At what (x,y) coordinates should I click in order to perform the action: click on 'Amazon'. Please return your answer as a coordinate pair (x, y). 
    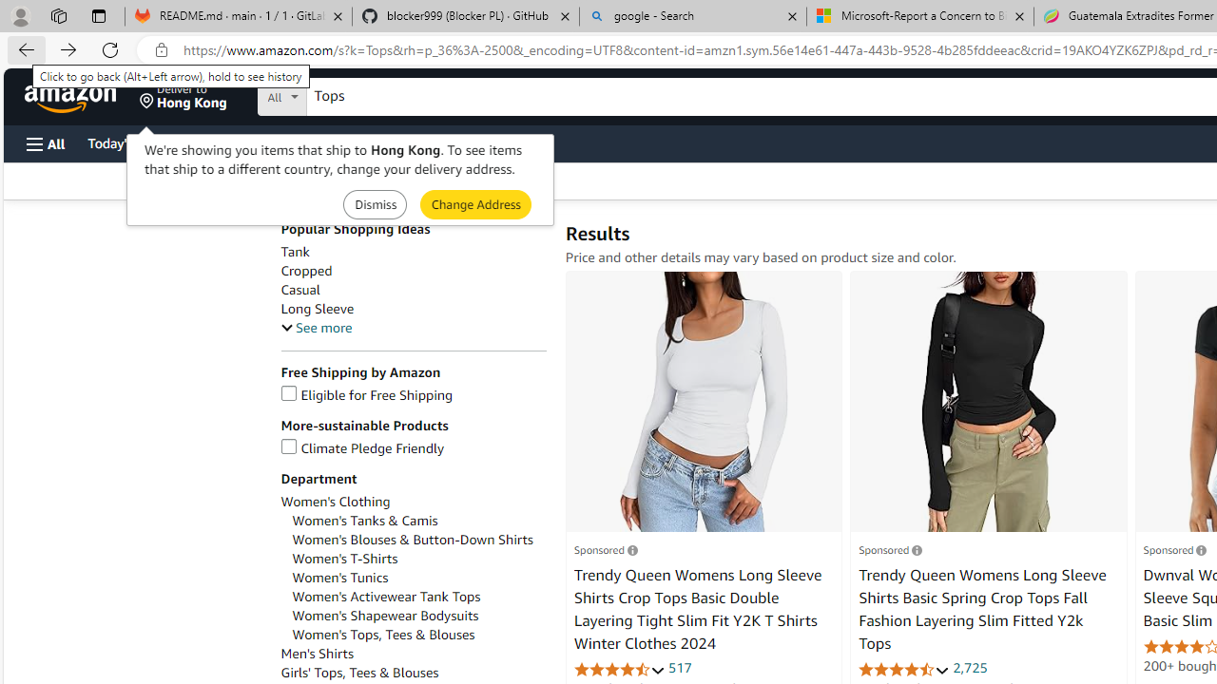
    Looking at the image, I should click on (72, 96).